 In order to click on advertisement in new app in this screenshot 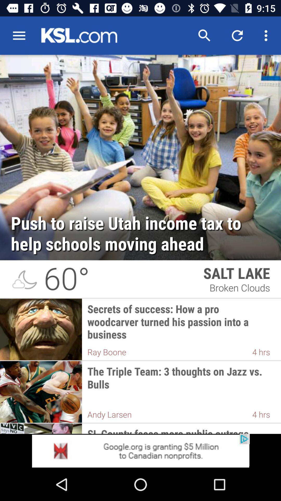, I will do `click(140, 451)`.